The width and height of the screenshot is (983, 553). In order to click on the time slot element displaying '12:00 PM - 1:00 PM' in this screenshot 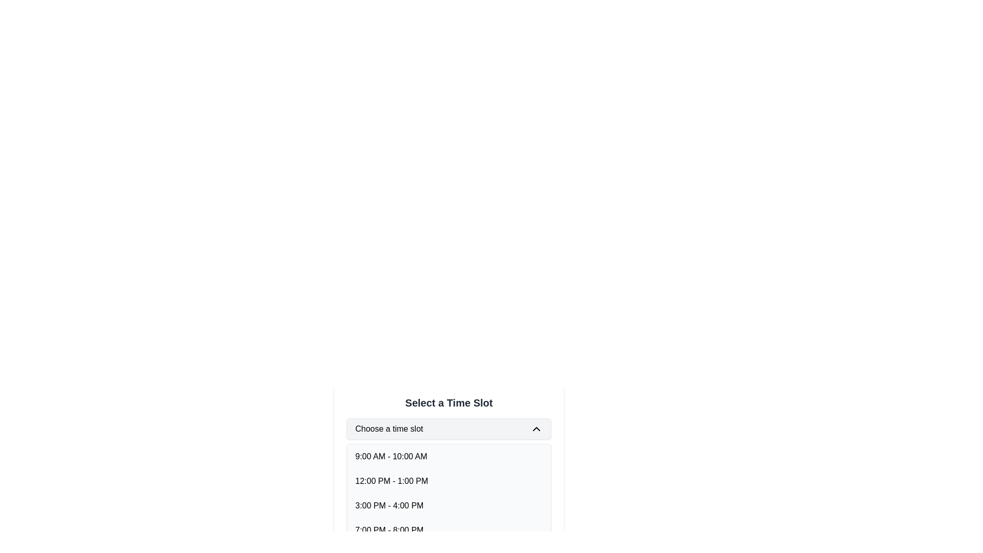, I will do `click(449, 481)`.